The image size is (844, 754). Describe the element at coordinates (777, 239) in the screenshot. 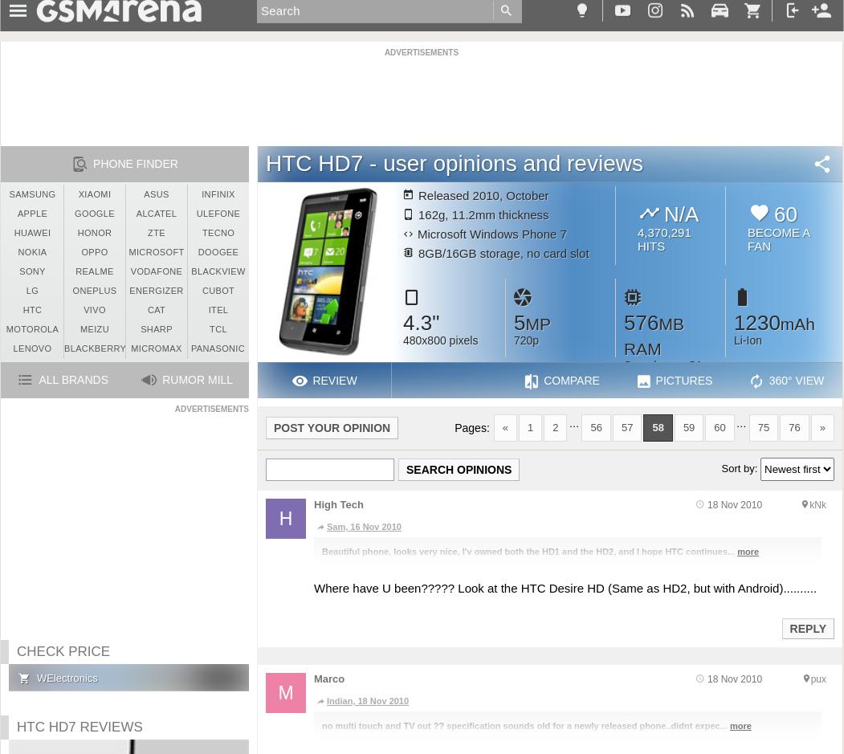

I see `'Become a fan'` at that location.